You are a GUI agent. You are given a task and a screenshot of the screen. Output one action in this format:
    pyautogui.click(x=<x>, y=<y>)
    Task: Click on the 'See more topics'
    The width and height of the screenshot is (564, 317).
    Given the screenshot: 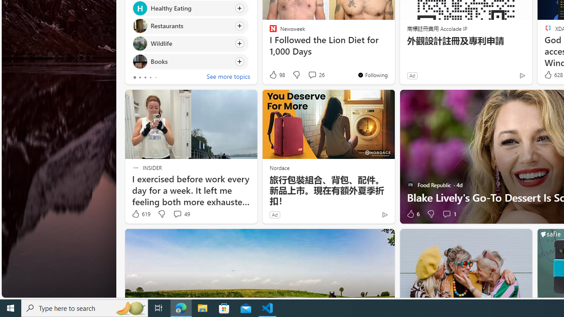 What is the action you would take?
    pyautogui.click(x=228, y=77)
    